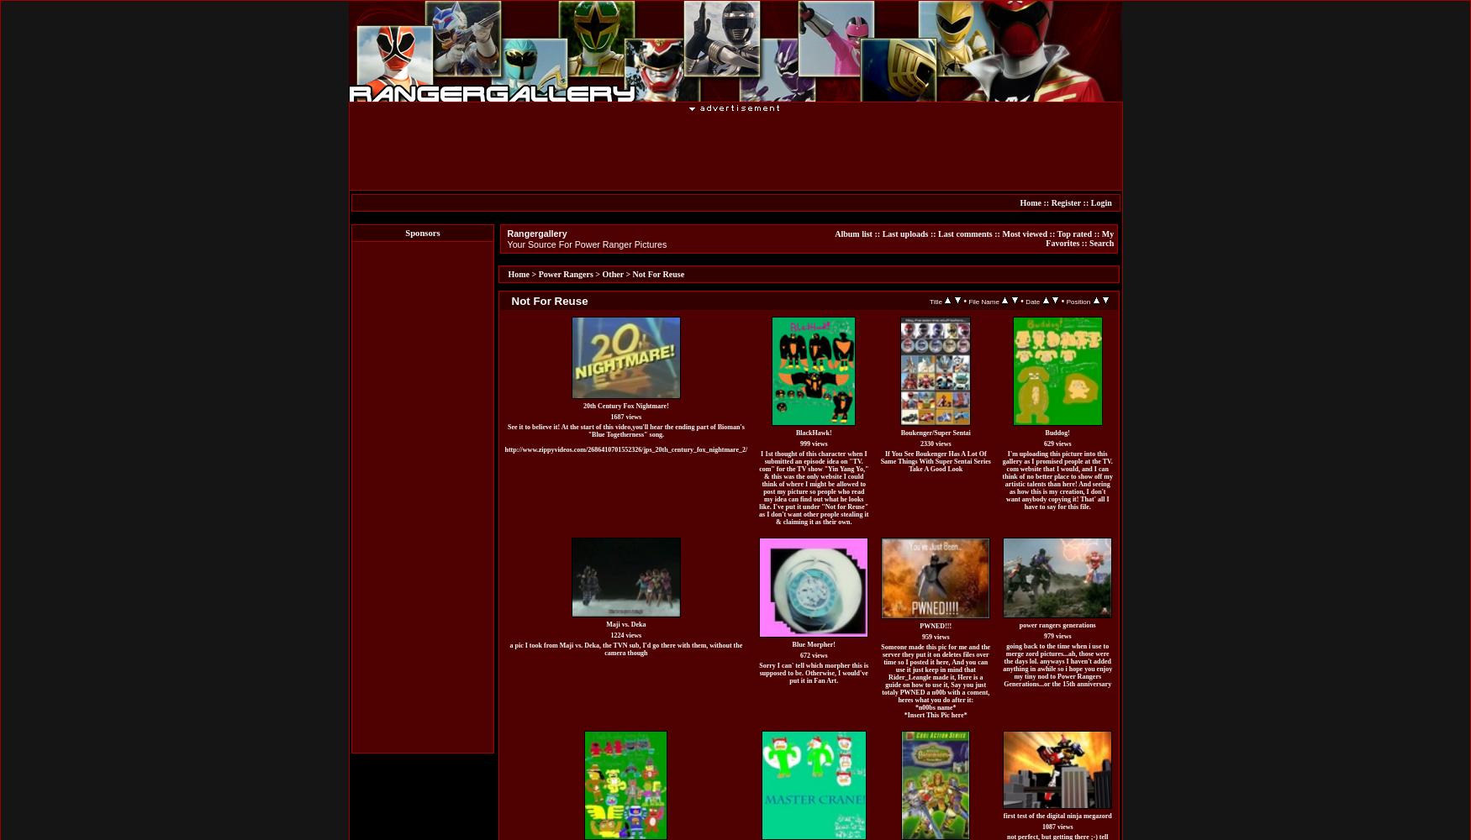 This screenshot has height=840, width=1471. What do you see at coordinates (1001, 234) in the screenshot?
I see `'Most viewed'` at bounding box center [1001, 234].